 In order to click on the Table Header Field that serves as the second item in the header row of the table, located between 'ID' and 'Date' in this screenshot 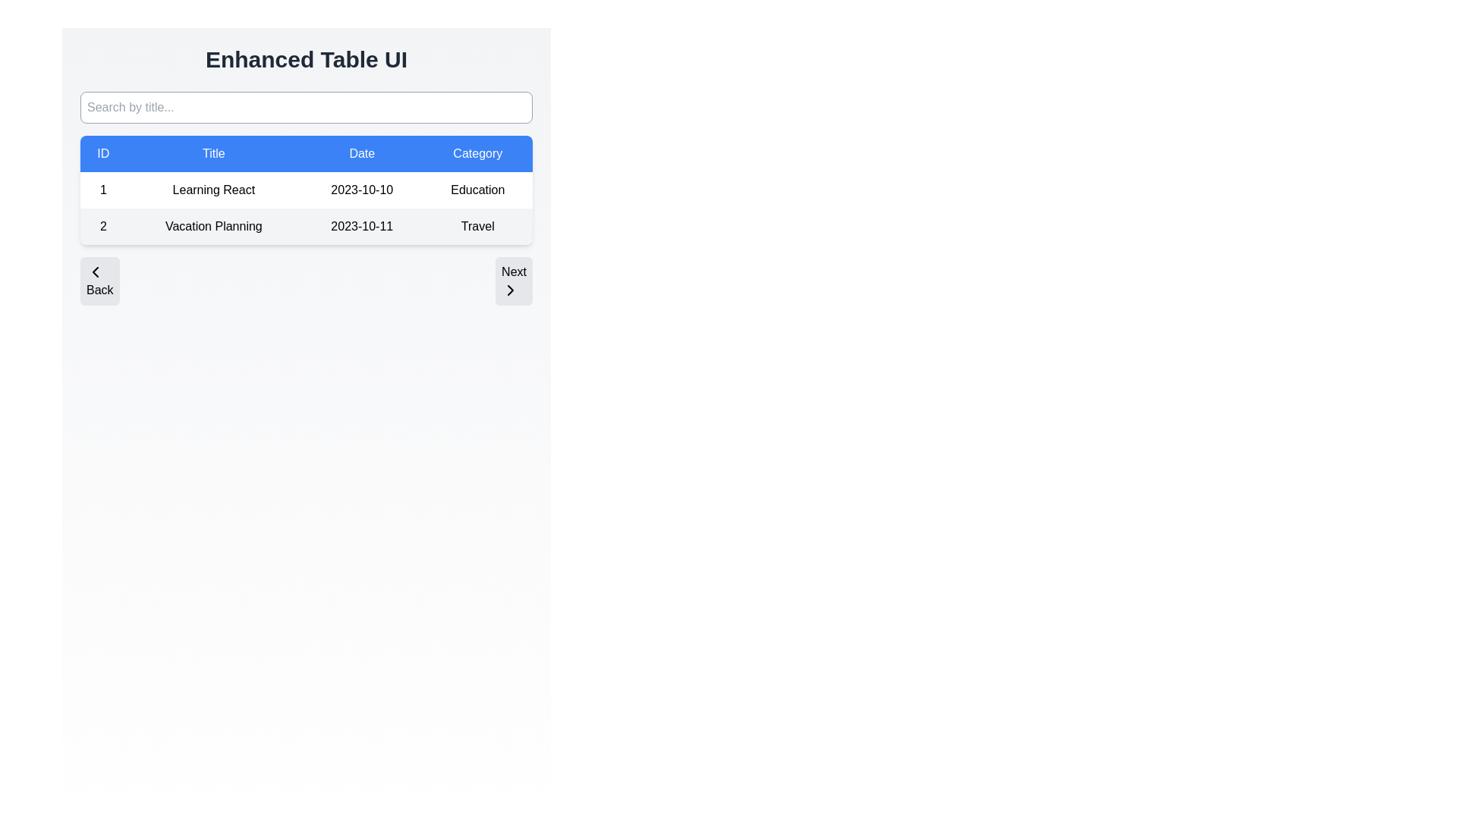, I will do `click(212, 154)`.